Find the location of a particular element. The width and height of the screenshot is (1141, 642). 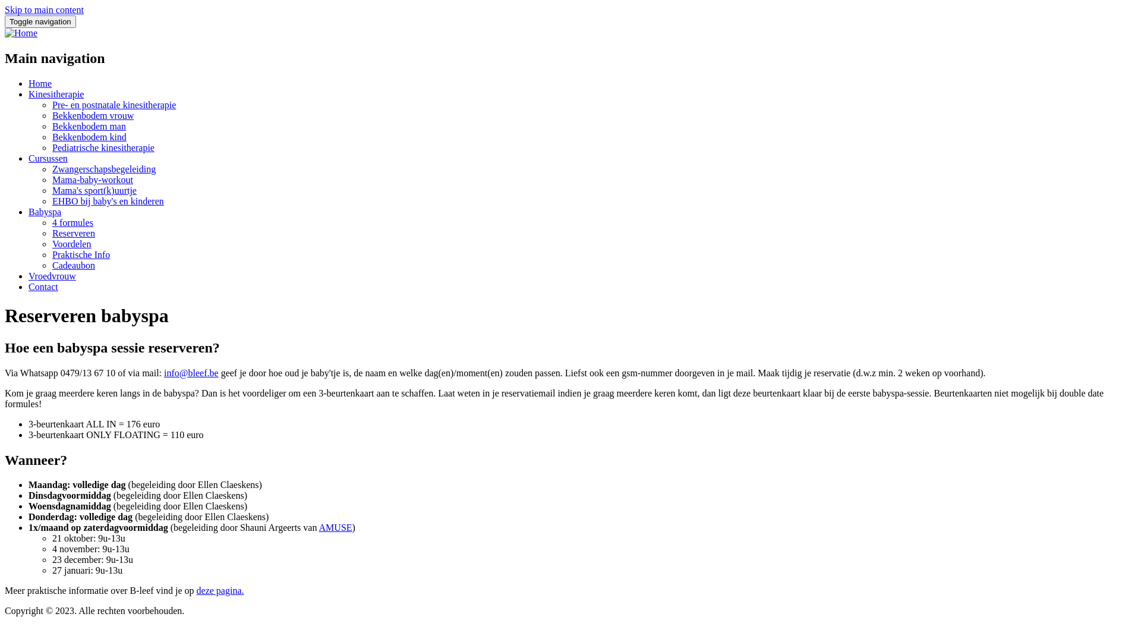

'Contact' is located at coordinates (43, 287).